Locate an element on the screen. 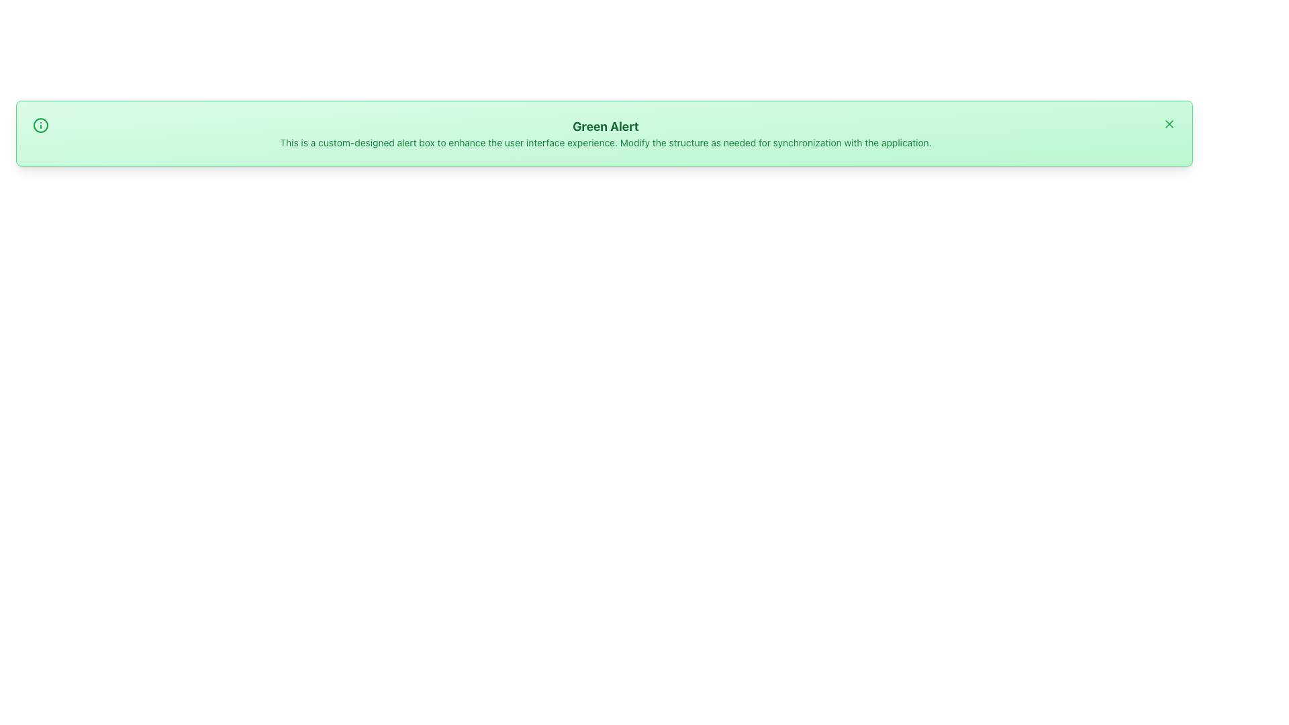  the green circular icon with a white border located in the top-left corner of the green alert banner is located at coordinates (41, 125).